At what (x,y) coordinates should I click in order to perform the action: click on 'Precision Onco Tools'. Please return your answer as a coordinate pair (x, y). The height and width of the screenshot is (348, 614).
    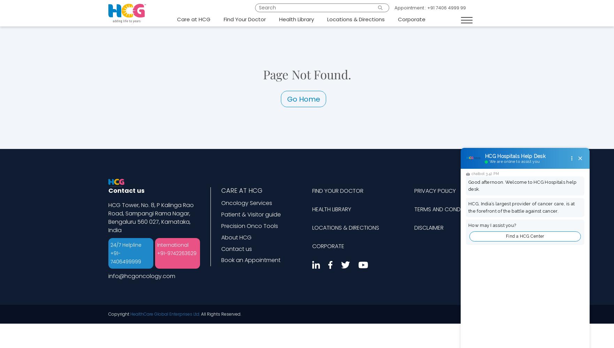
    Looking at the image, I should click on (220, 226).